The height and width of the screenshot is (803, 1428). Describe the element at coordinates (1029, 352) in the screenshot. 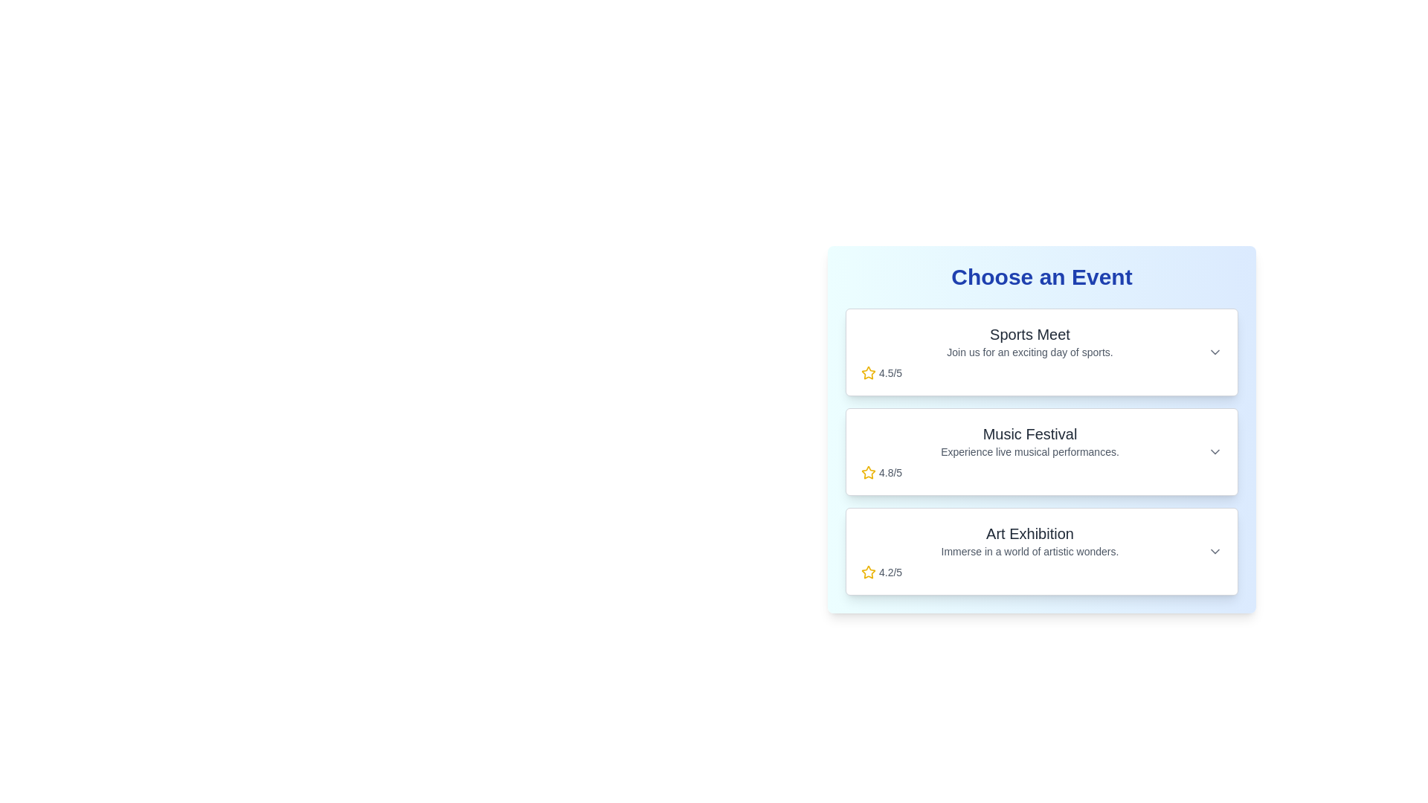

I see `the descriptive text element reading 'Join us for an exciting day of sports.' which is located below the heading 'Sports Meet'` at that location.